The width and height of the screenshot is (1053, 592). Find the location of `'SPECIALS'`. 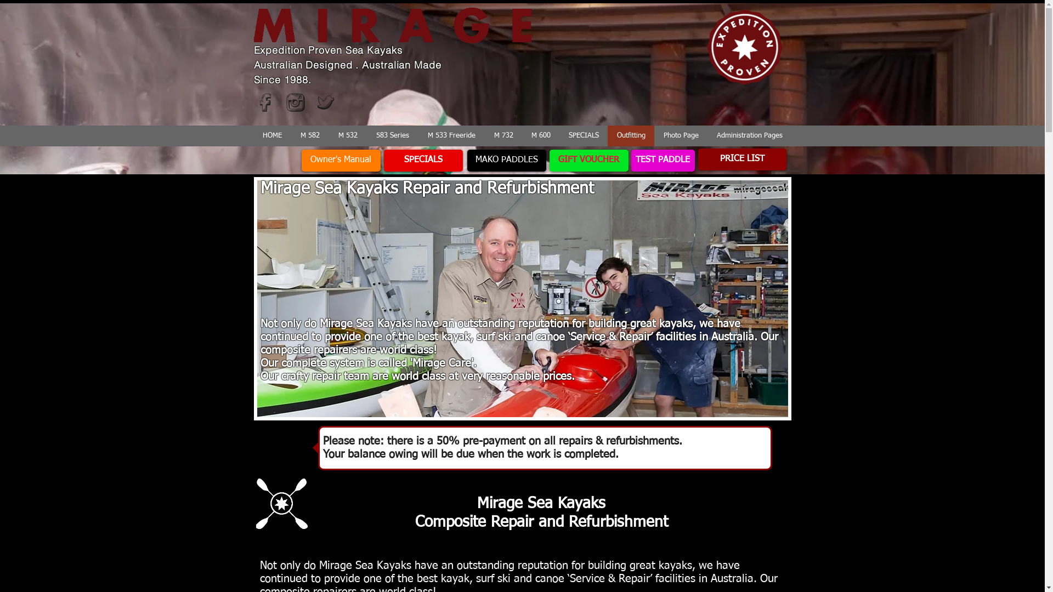

'SPECIALS' is located at coordinates (583, 135).